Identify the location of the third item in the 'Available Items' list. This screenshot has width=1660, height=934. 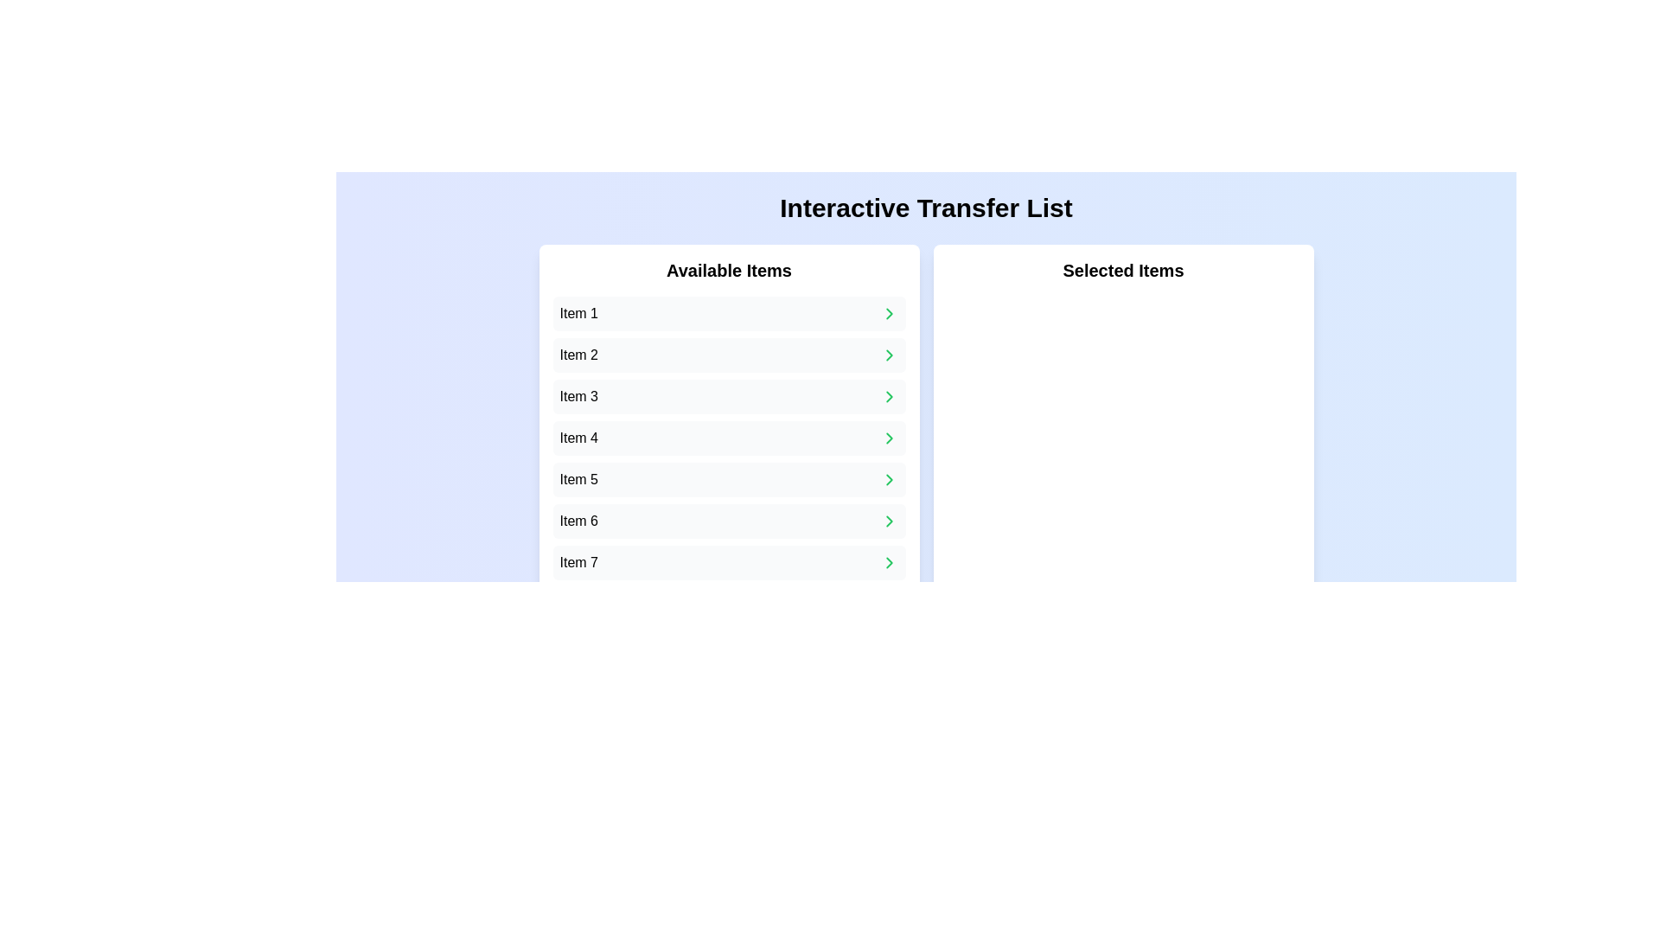
(729, 397).